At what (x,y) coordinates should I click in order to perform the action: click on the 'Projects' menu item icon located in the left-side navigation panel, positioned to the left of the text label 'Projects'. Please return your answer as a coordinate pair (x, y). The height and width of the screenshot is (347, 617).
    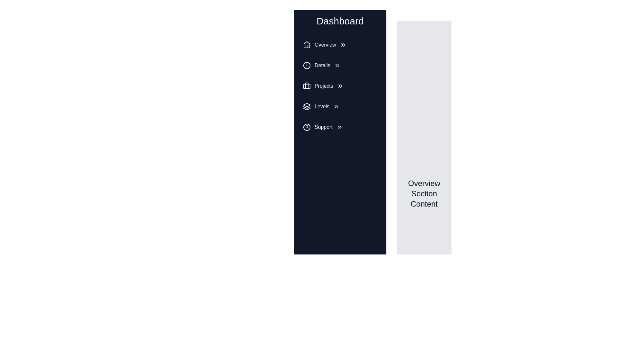
    Looking at the image, I should click on (307, 85).